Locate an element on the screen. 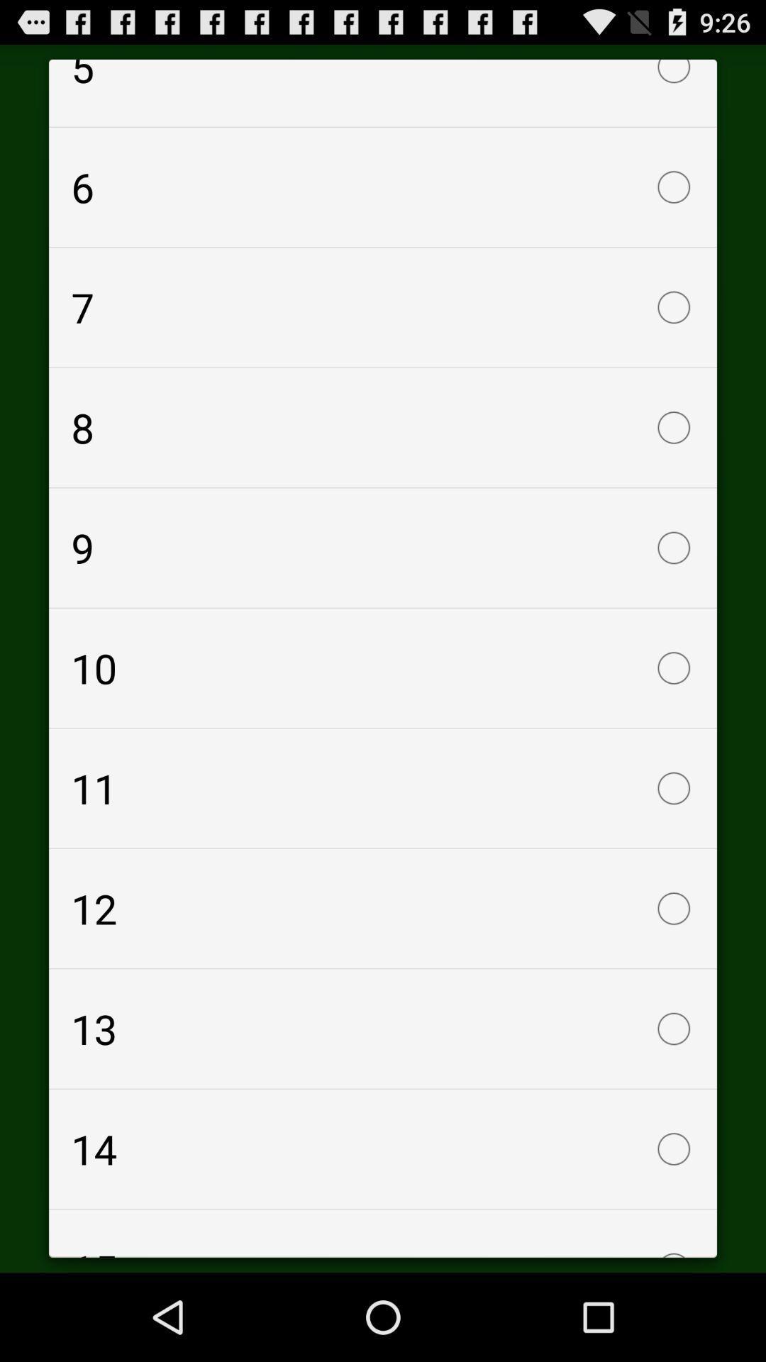 This screenshot has width=766, height=1362. the 10 item is located at coordinates (383, 667).